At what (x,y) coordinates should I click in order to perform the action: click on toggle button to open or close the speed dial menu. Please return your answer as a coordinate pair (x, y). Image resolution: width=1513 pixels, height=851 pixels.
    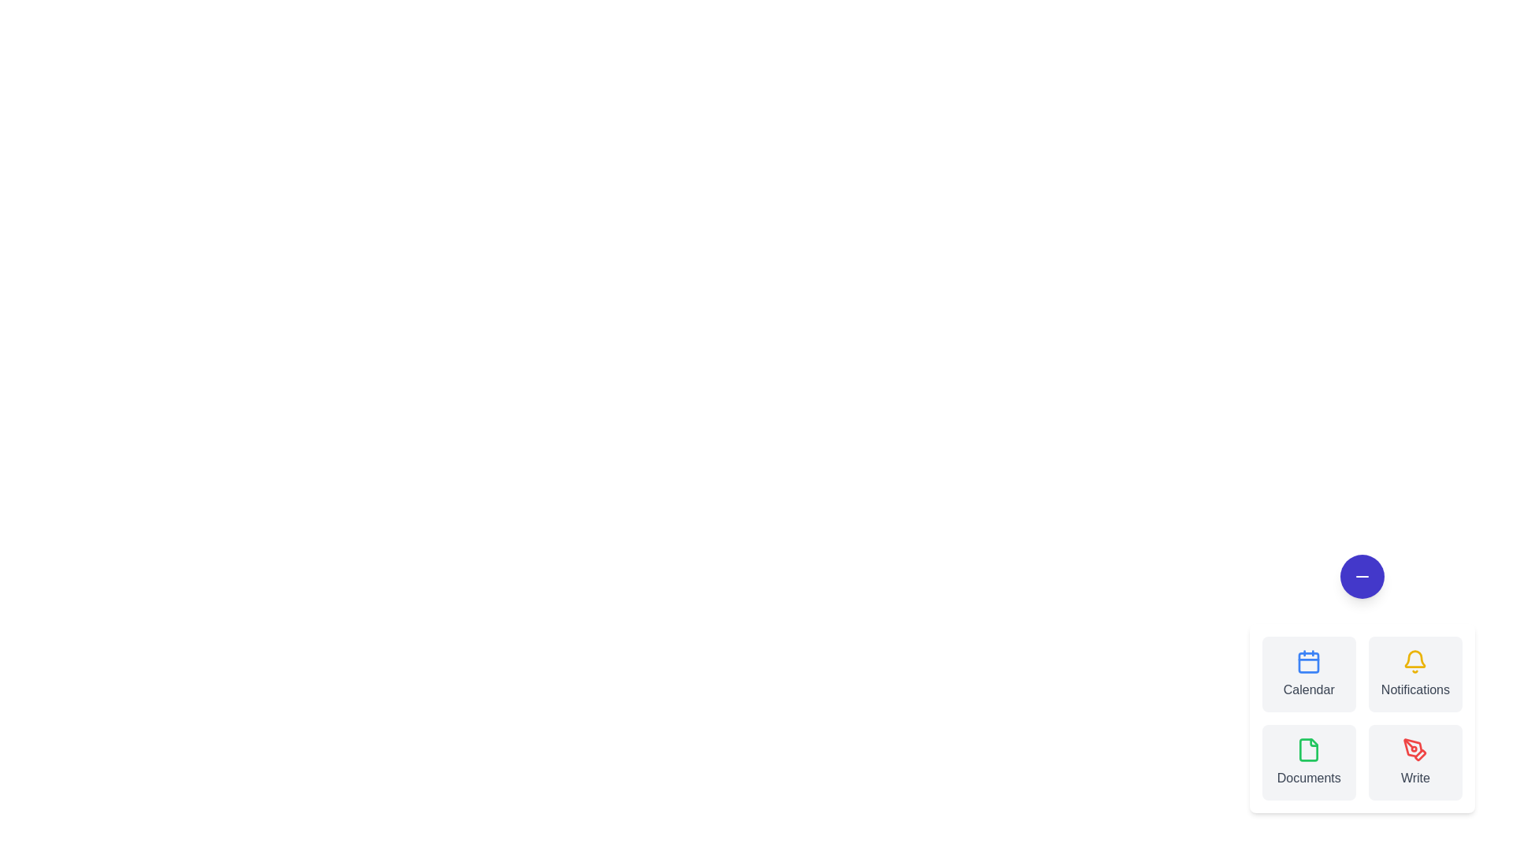
    Looking at the image, I should click on (1361, 577).